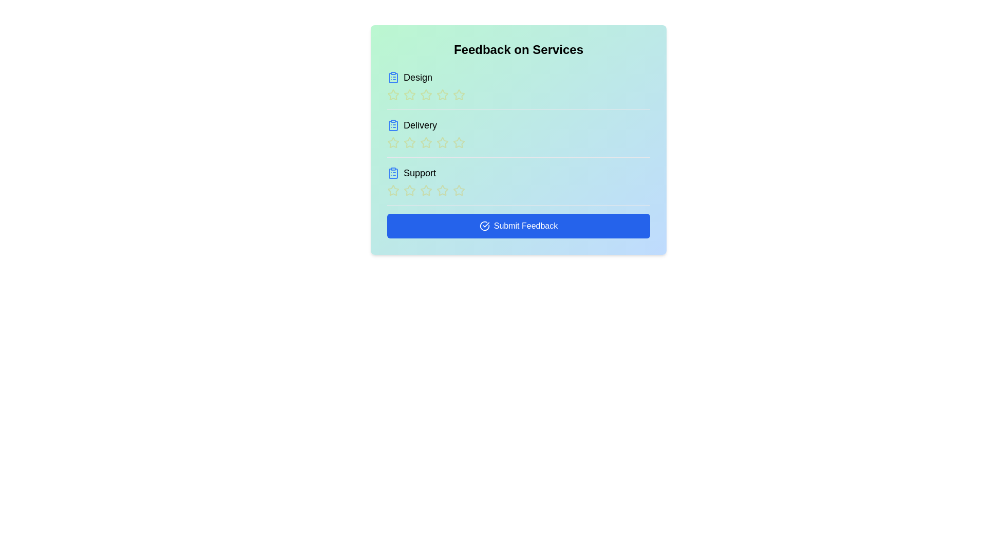 This screenshot has width=986, height=555. I want to click on 'Submit Feedback' button, so click(518, 225).